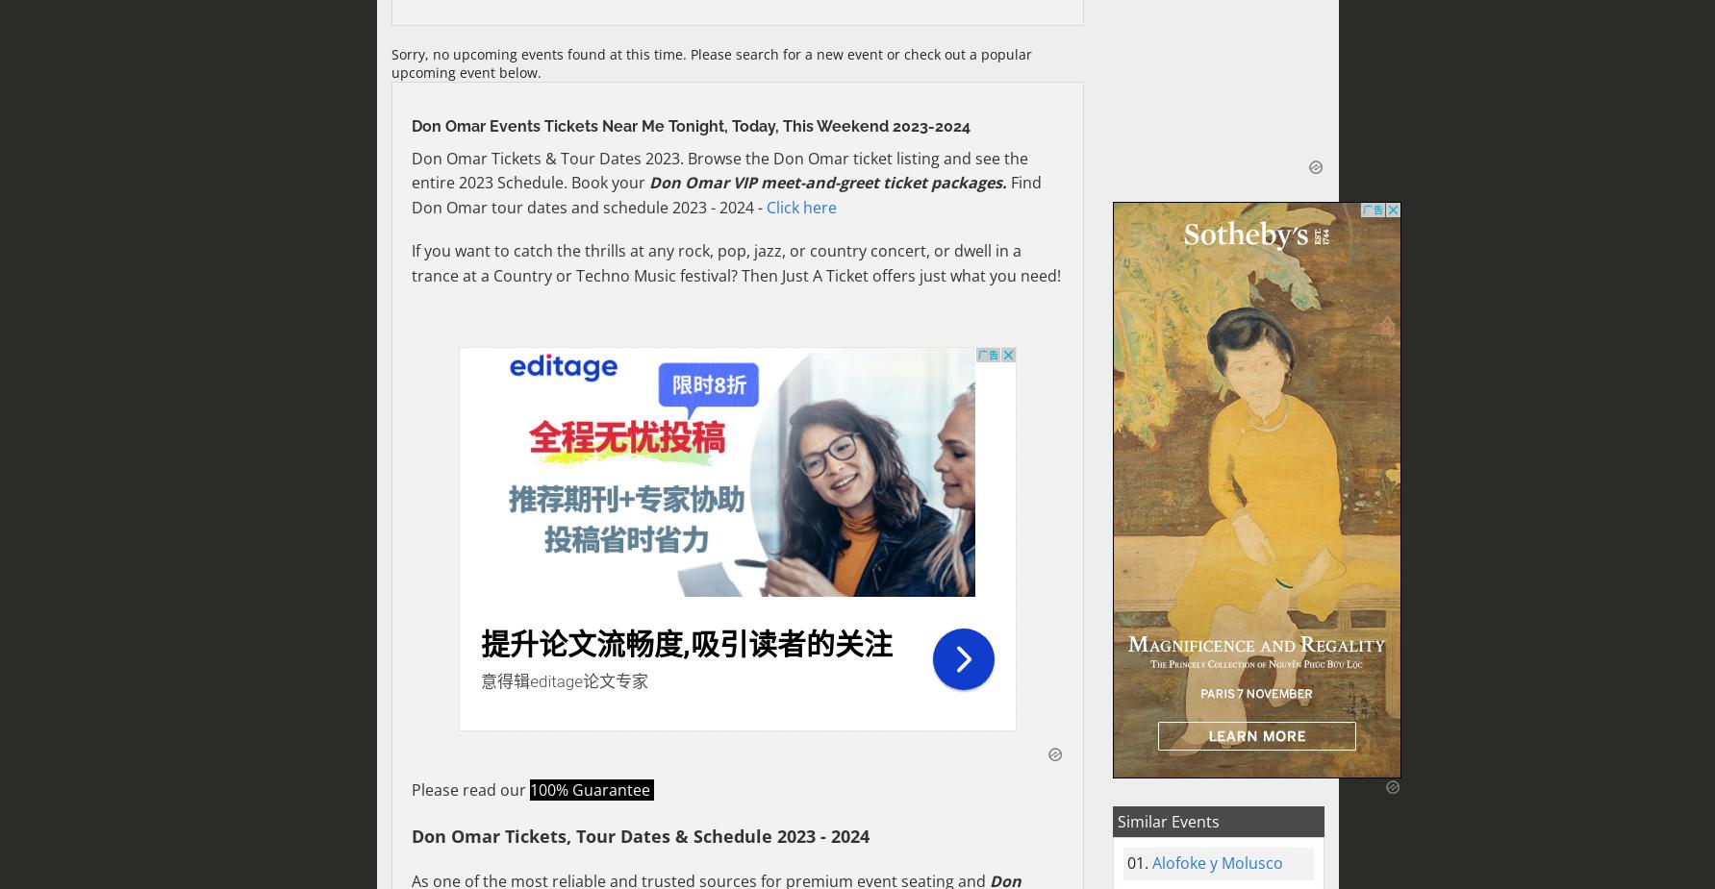 This screenshot has height=889, width=1715. What do you see at coordinates (605, 181) in the screenshot?
I see `'. Book your'` at bounding box center [605, 181].